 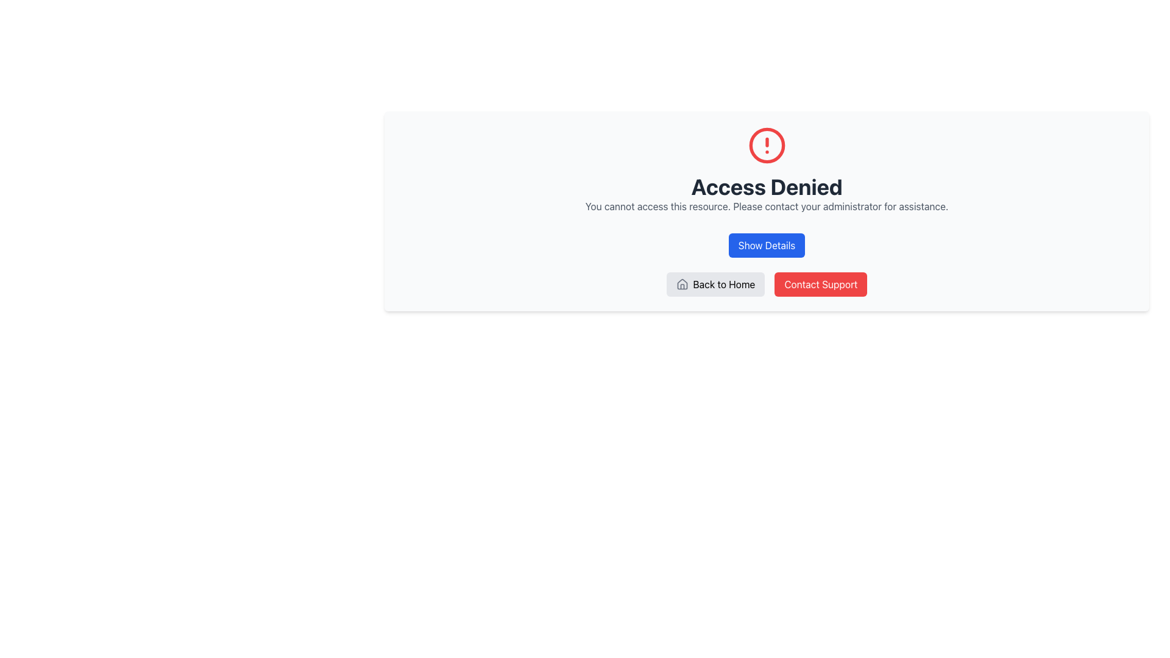 What do you see at coordinates (681, 284) in the screenshot?
I see `the back icon within the 'Back to Home' button located in the bottom-left section of the light gray notification area` at bounding box center [681, 284].